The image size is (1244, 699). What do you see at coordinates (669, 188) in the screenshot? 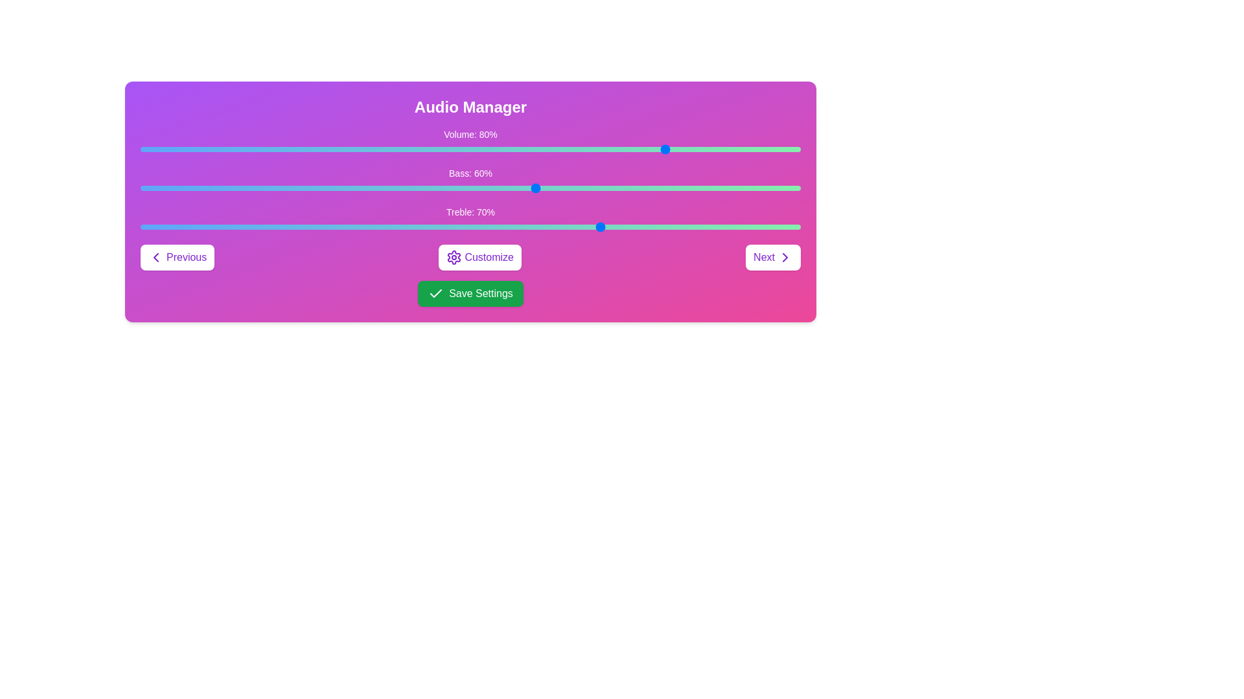
I see `bass level` at bounding box center [669, 188].